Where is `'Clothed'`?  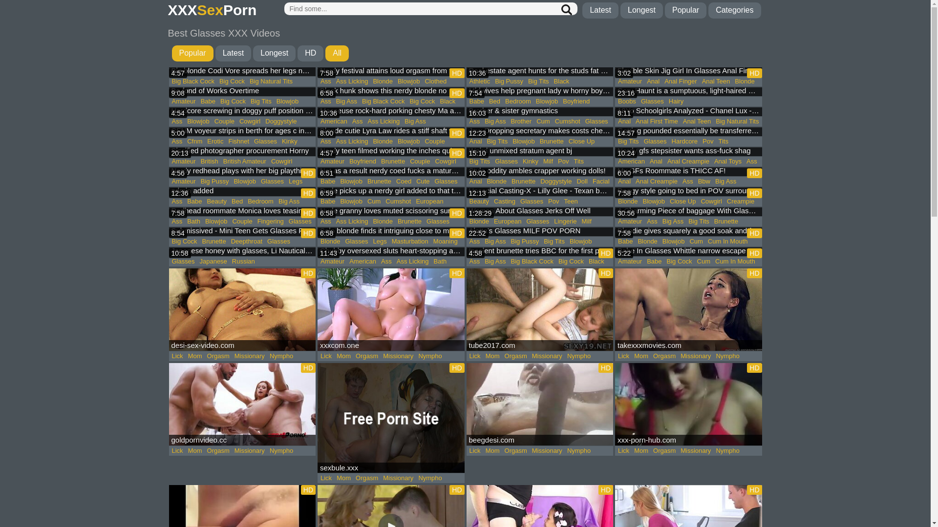 'Clothed' is located at coordinates (435, 81).